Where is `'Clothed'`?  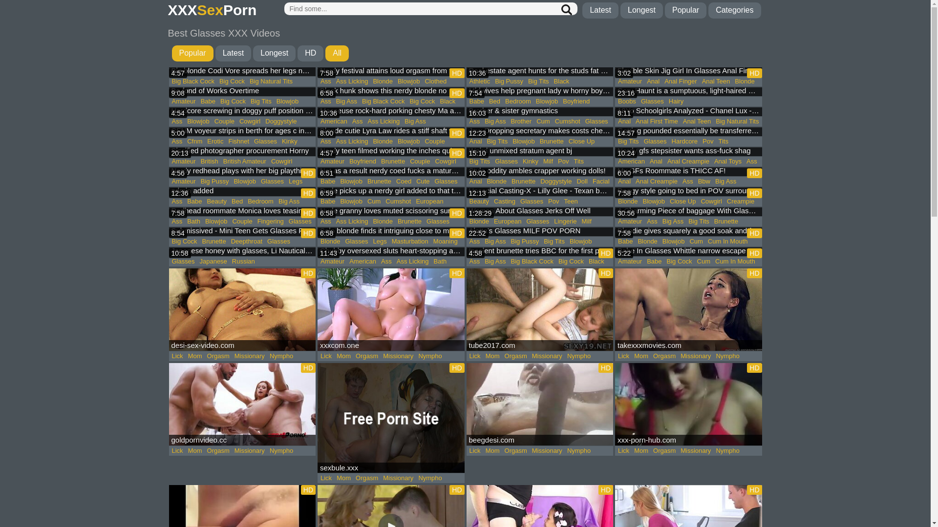 'Clothed' is located at coordinates (435, 81).